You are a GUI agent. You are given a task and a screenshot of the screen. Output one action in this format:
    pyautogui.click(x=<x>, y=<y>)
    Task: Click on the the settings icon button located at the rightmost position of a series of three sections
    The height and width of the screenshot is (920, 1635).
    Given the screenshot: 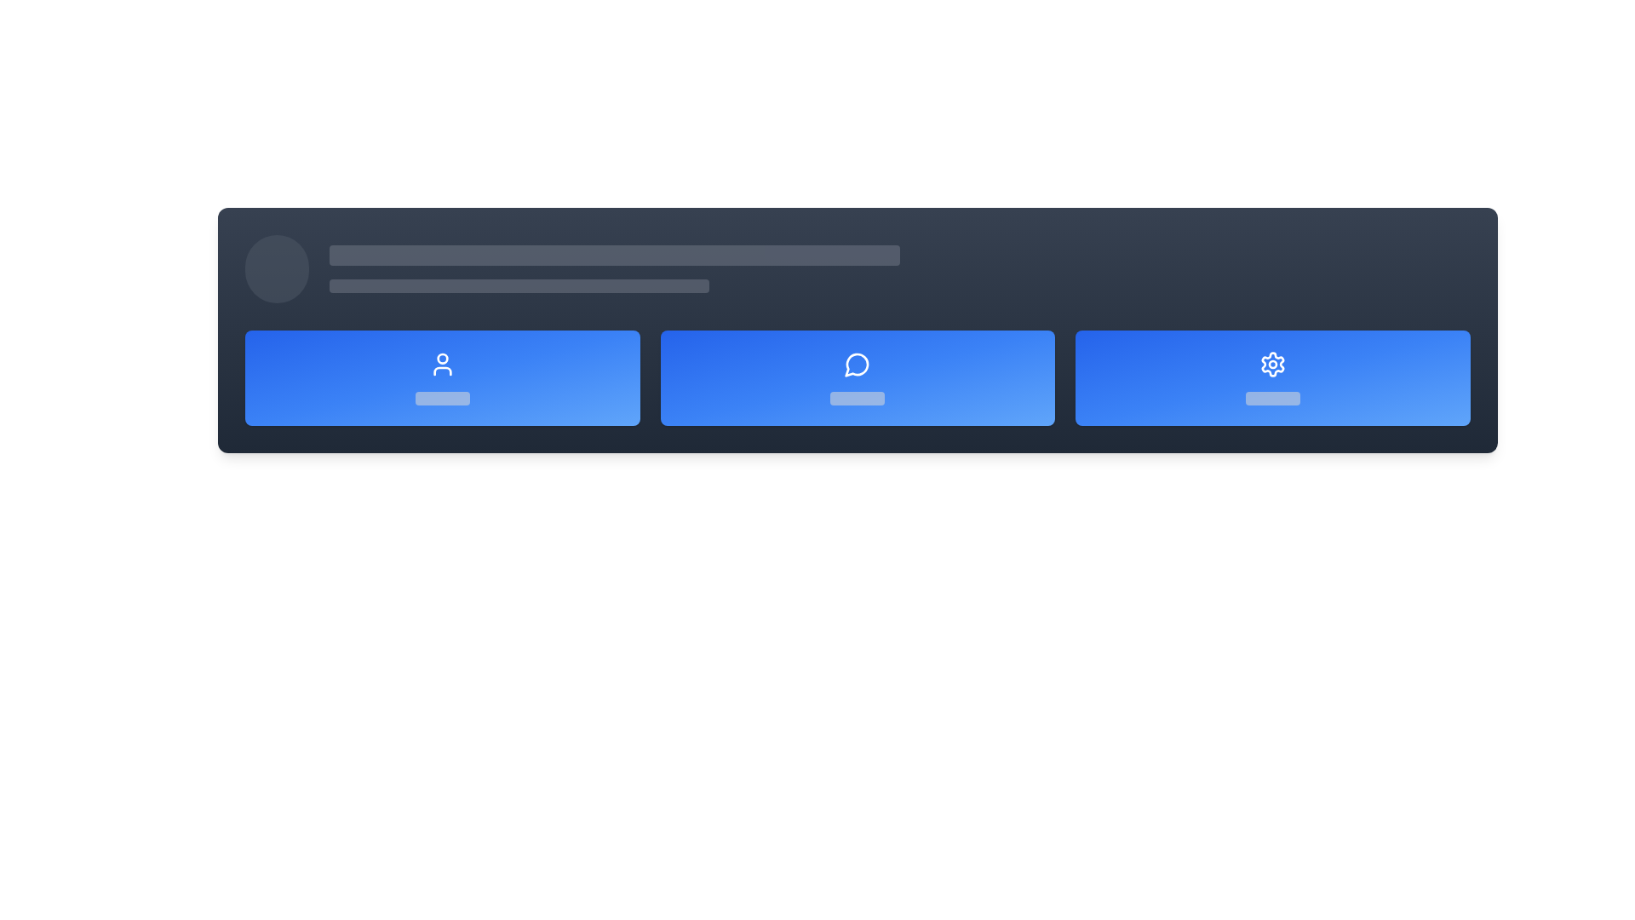 What is the action you would take?
    pyautogui.click(x=1273, y=364)
    